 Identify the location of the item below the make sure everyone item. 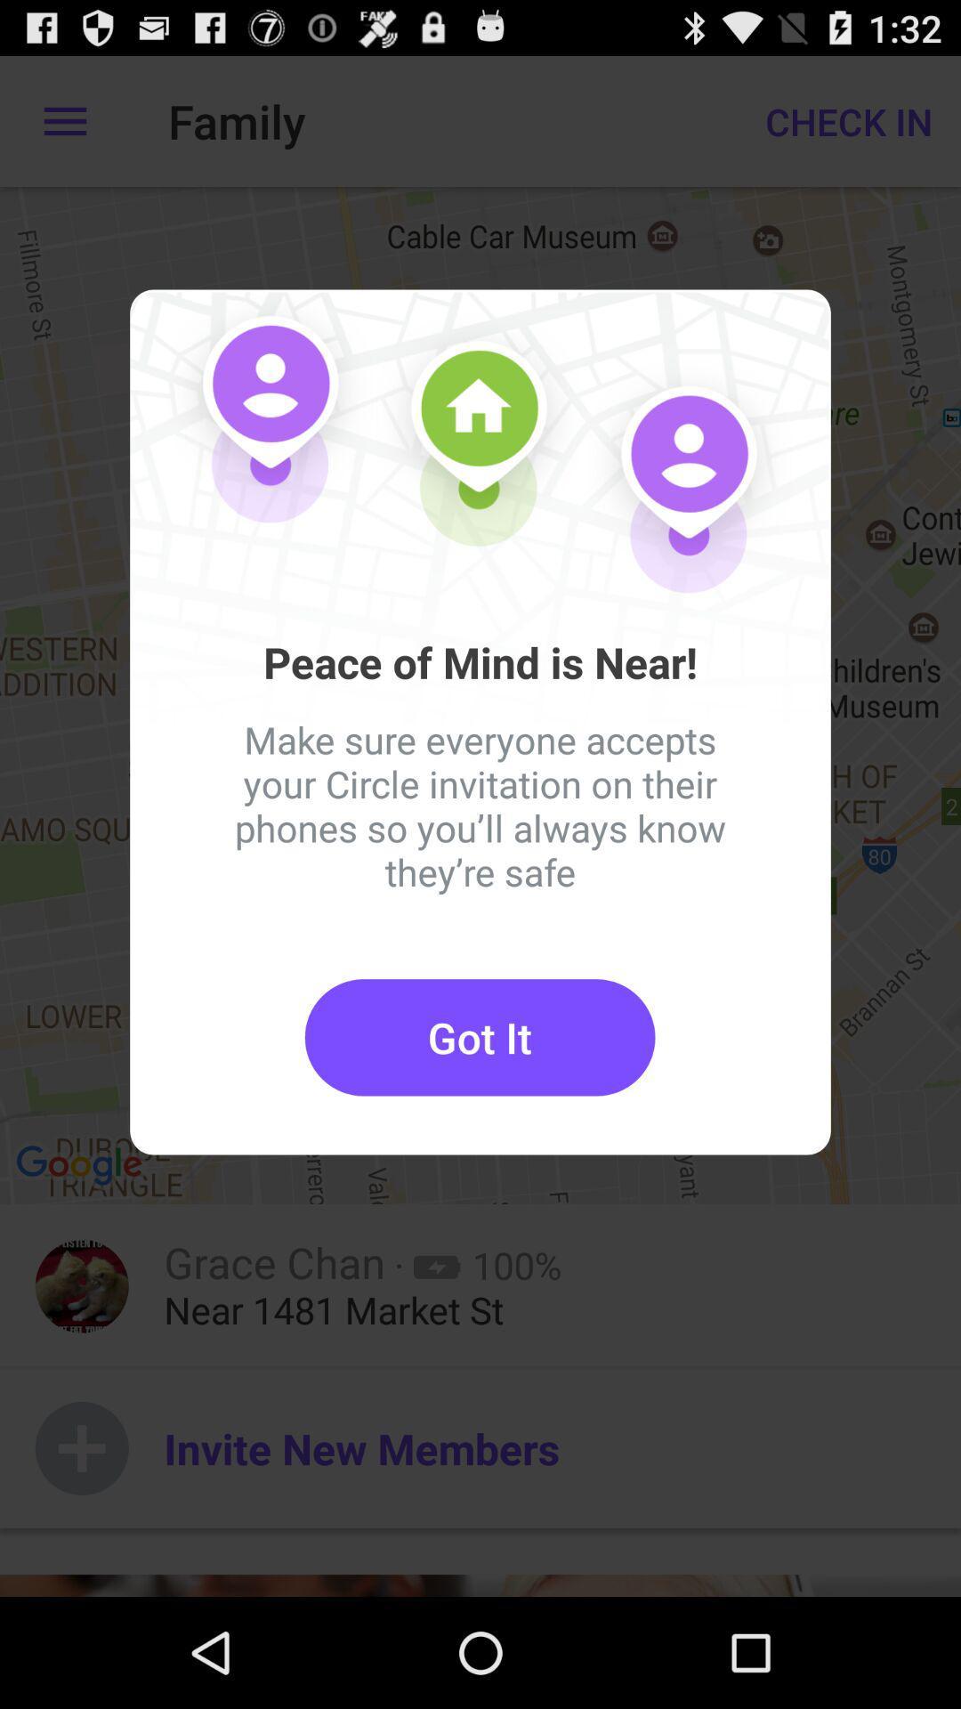
(479, 1037).